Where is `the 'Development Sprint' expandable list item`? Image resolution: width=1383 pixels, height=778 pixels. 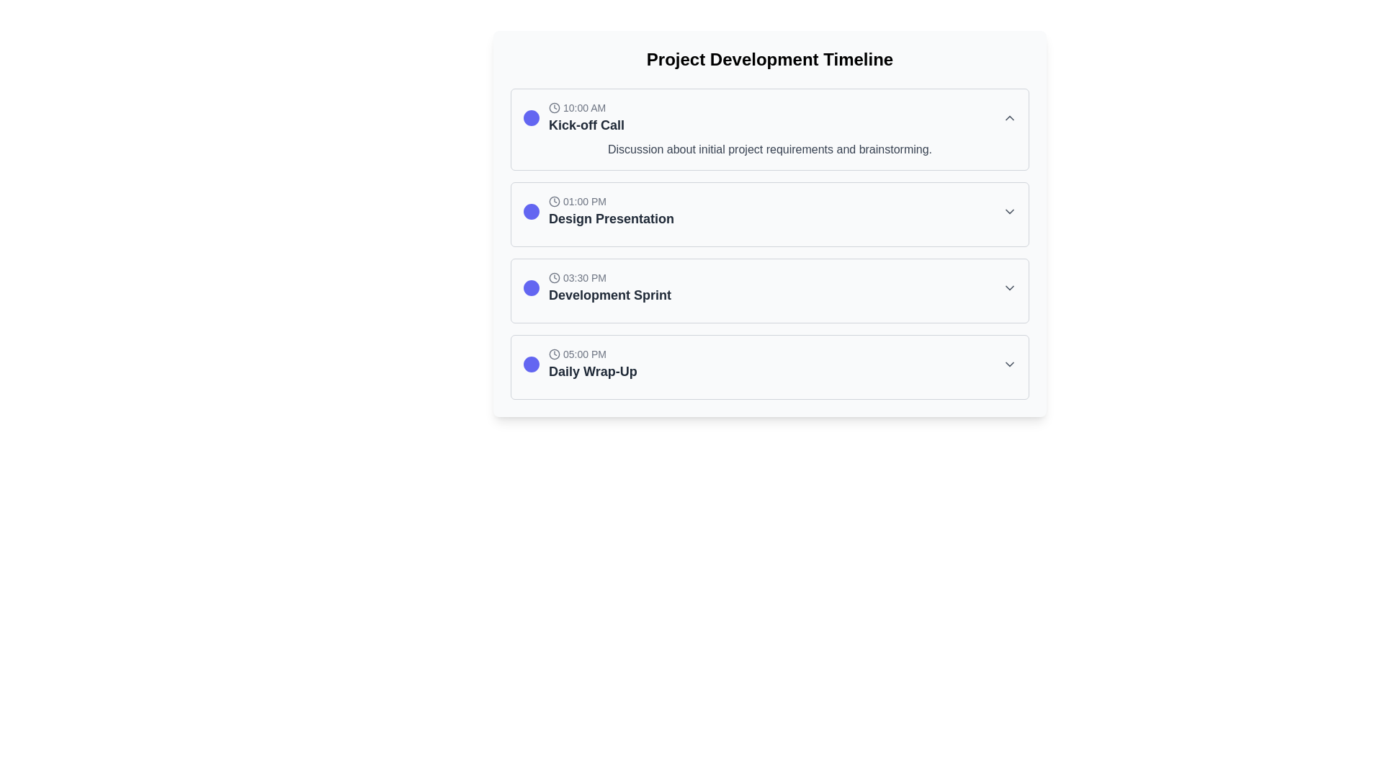 the 'Development Sprint' expandable list item is located at coordinates (769, 288).